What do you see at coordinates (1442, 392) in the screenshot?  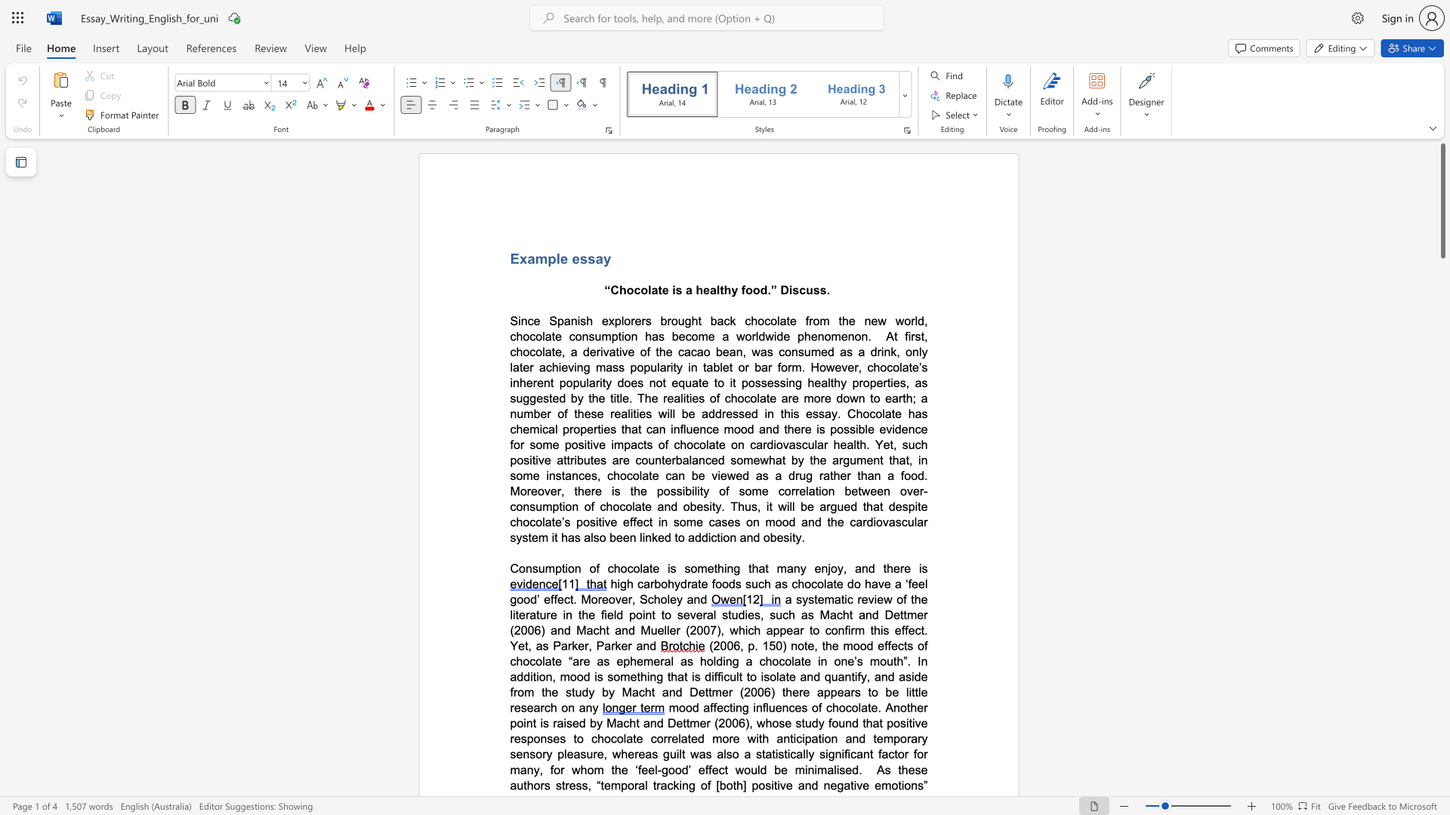 I see `the page's right scrollbar for downward movement` at bounding box center [1442, 392].